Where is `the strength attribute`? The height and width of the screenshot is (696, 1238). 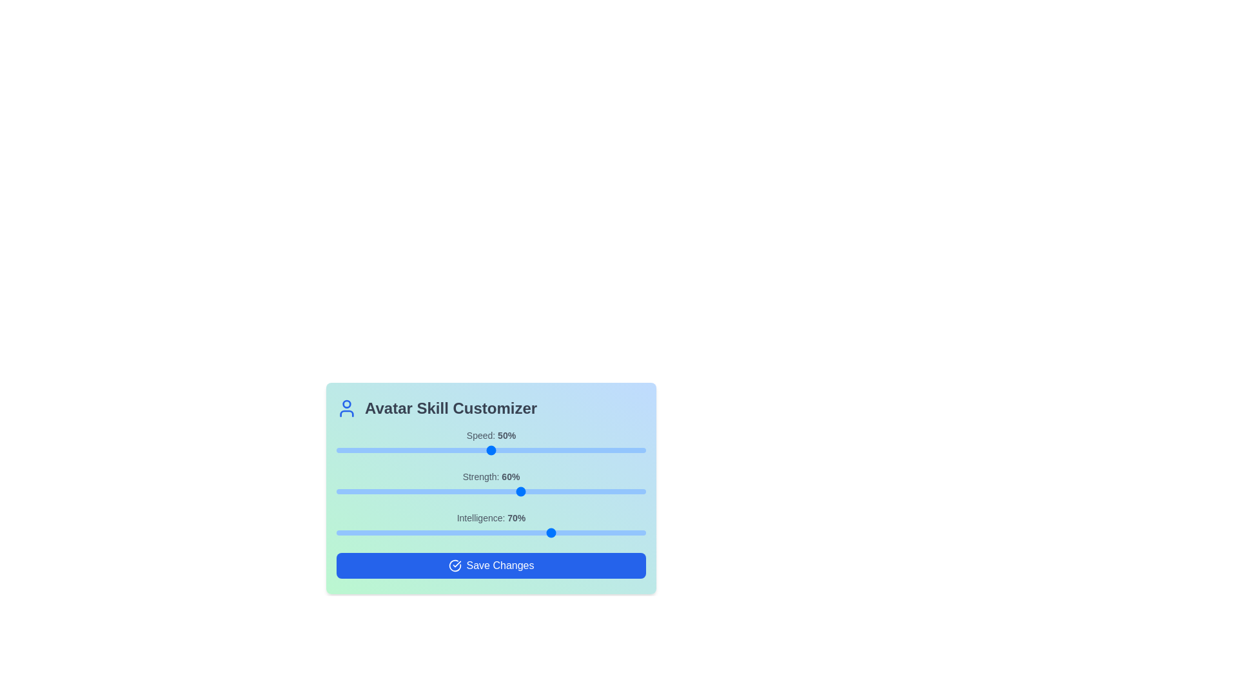 the strength attribute is located at coordinates (493, 492).